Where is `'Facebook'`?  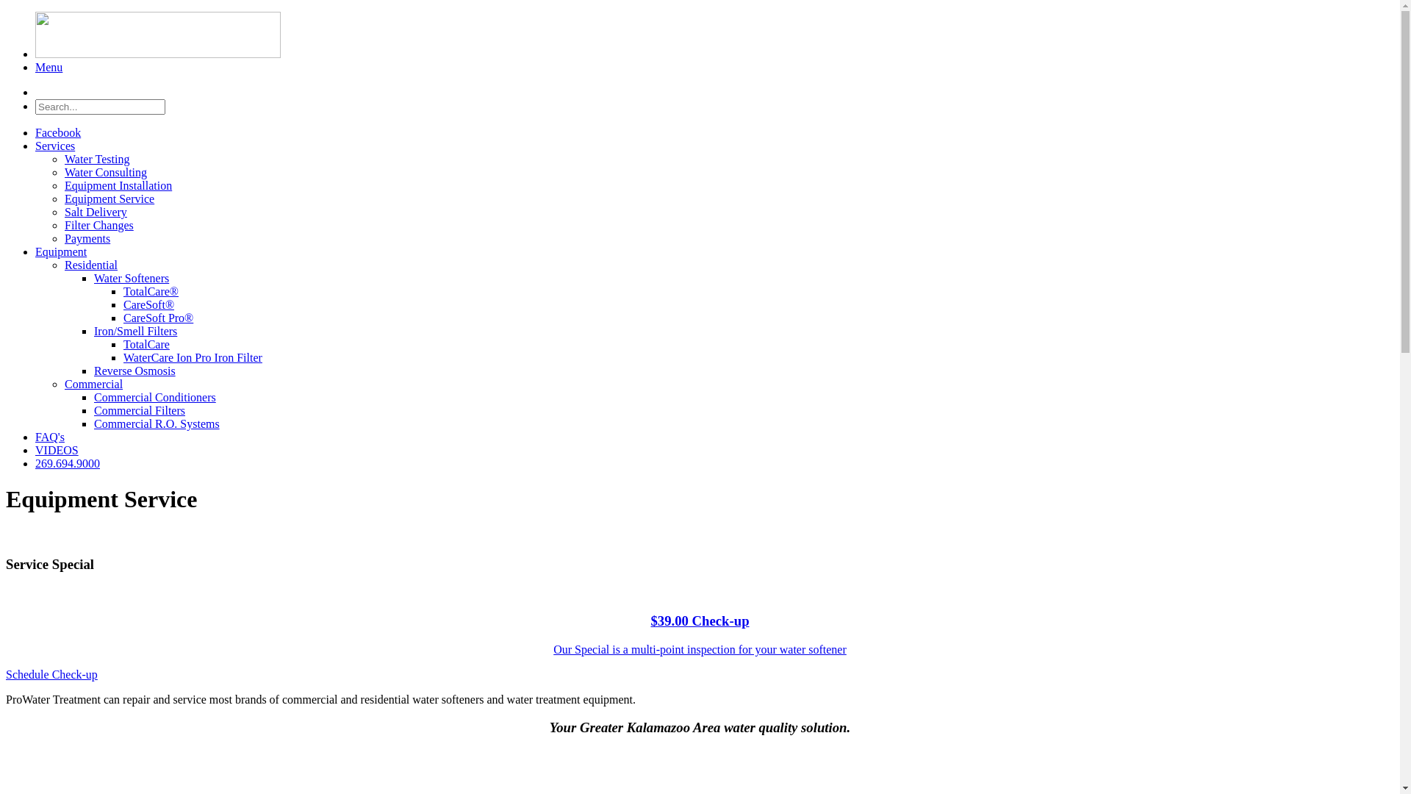 'Facebook' is located at coordinates (57, 132).